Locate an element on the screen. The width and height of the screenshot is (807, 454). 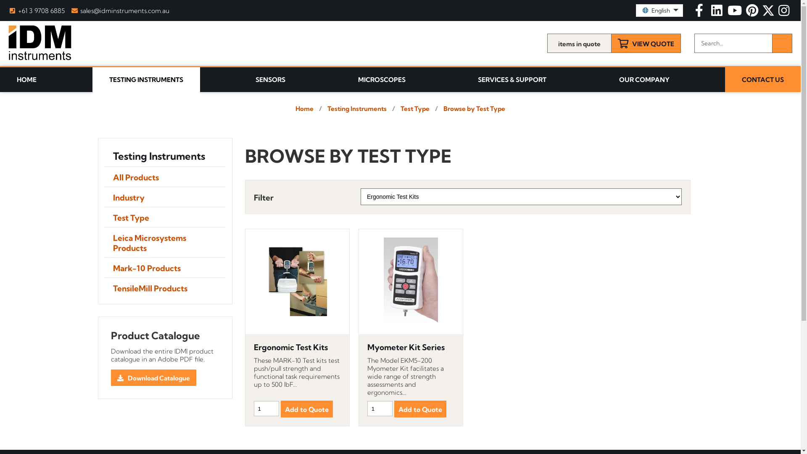
'SENSORS' is located at coordinates (238, 79).